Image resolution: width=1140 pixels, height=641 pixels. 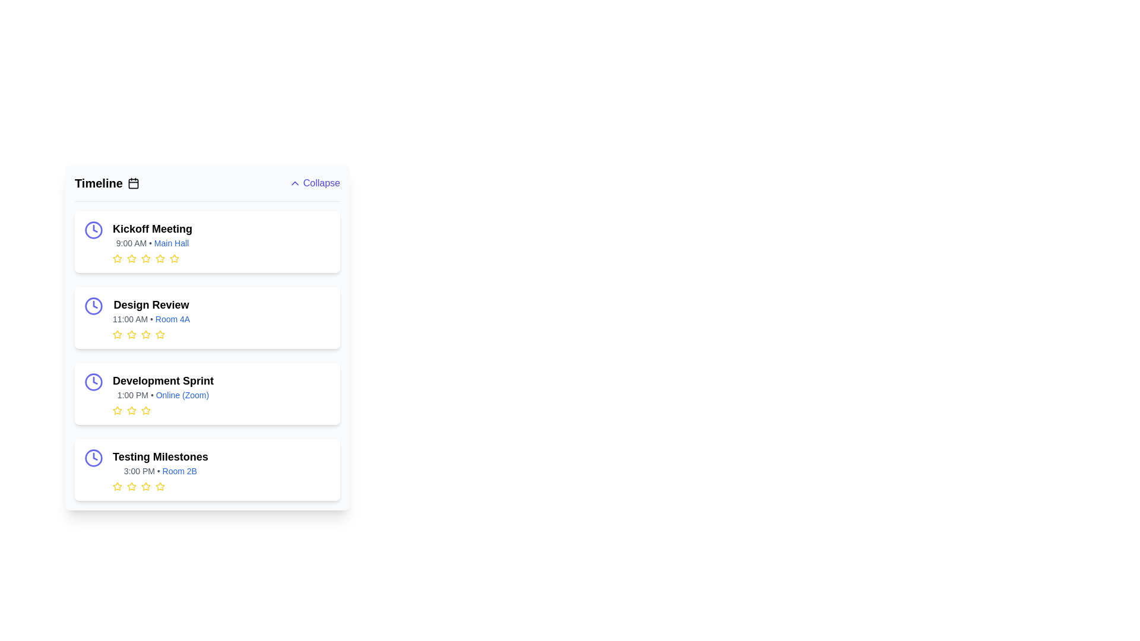 What do you see at coordinates (145, 486) in the screenshot?
I see `the third star icon in the star rating section of the 'Testing Milestones' entry to set a rating` at bounding box center [145, 486].